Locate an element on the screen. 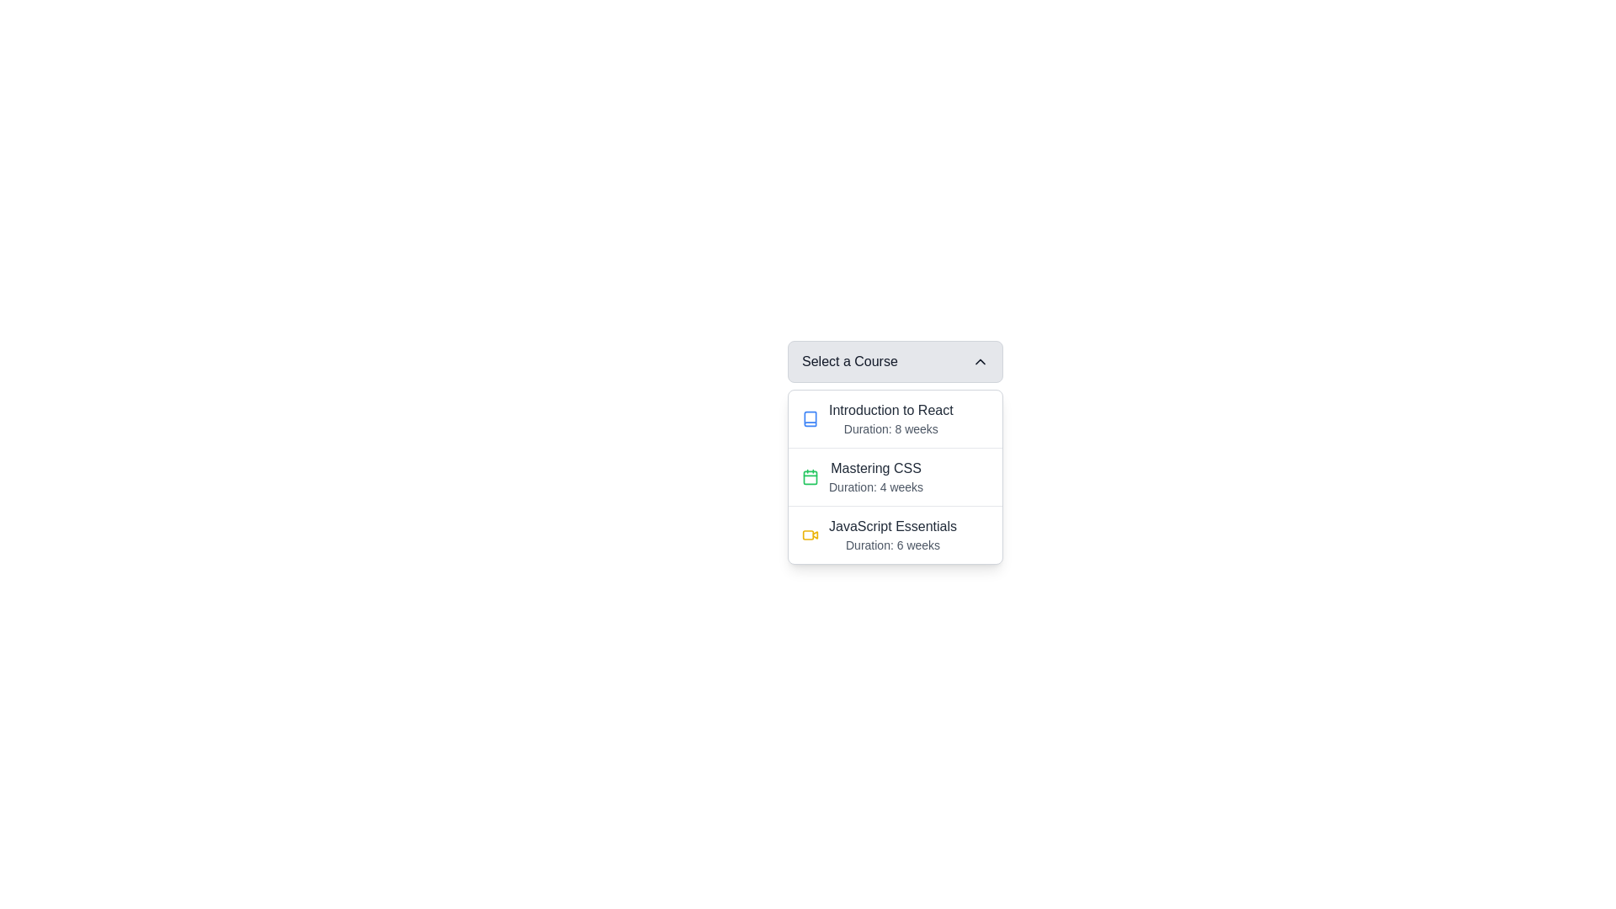 This screenshot has height=909, width=1616. the text label 'Mastering CSS' which is the second option in the dropdown list under 'Select a Course' is located at coordinates (875, 477).